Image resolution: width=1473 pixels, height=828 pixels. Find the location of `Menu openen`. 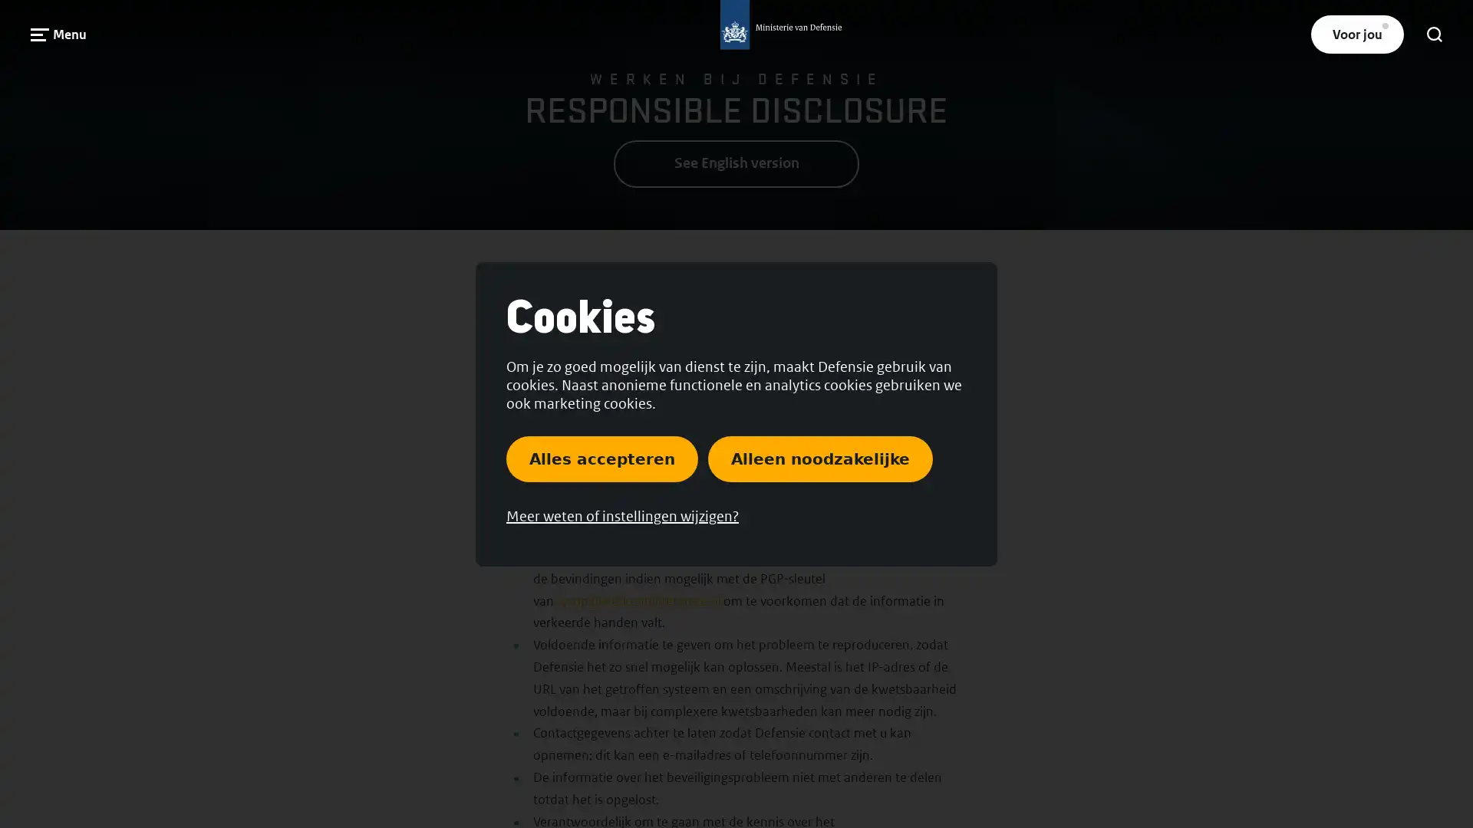

Menu openen is located at coordinates (58, 34).